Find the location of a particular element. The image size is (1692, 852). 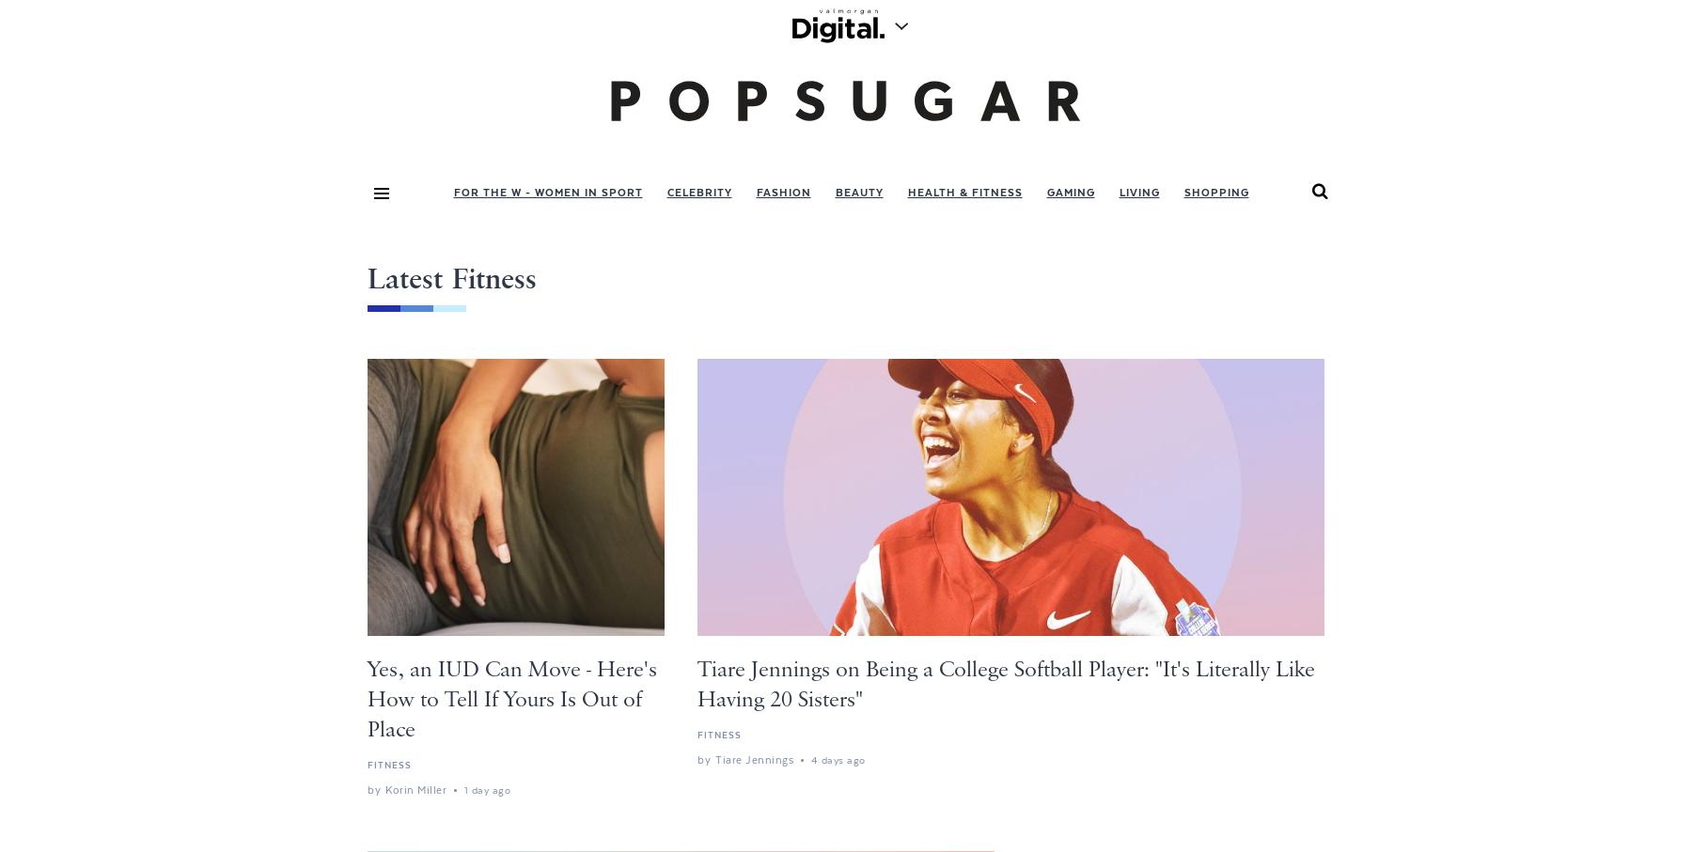

'Shopping' is located at coordinates (1215, 191).